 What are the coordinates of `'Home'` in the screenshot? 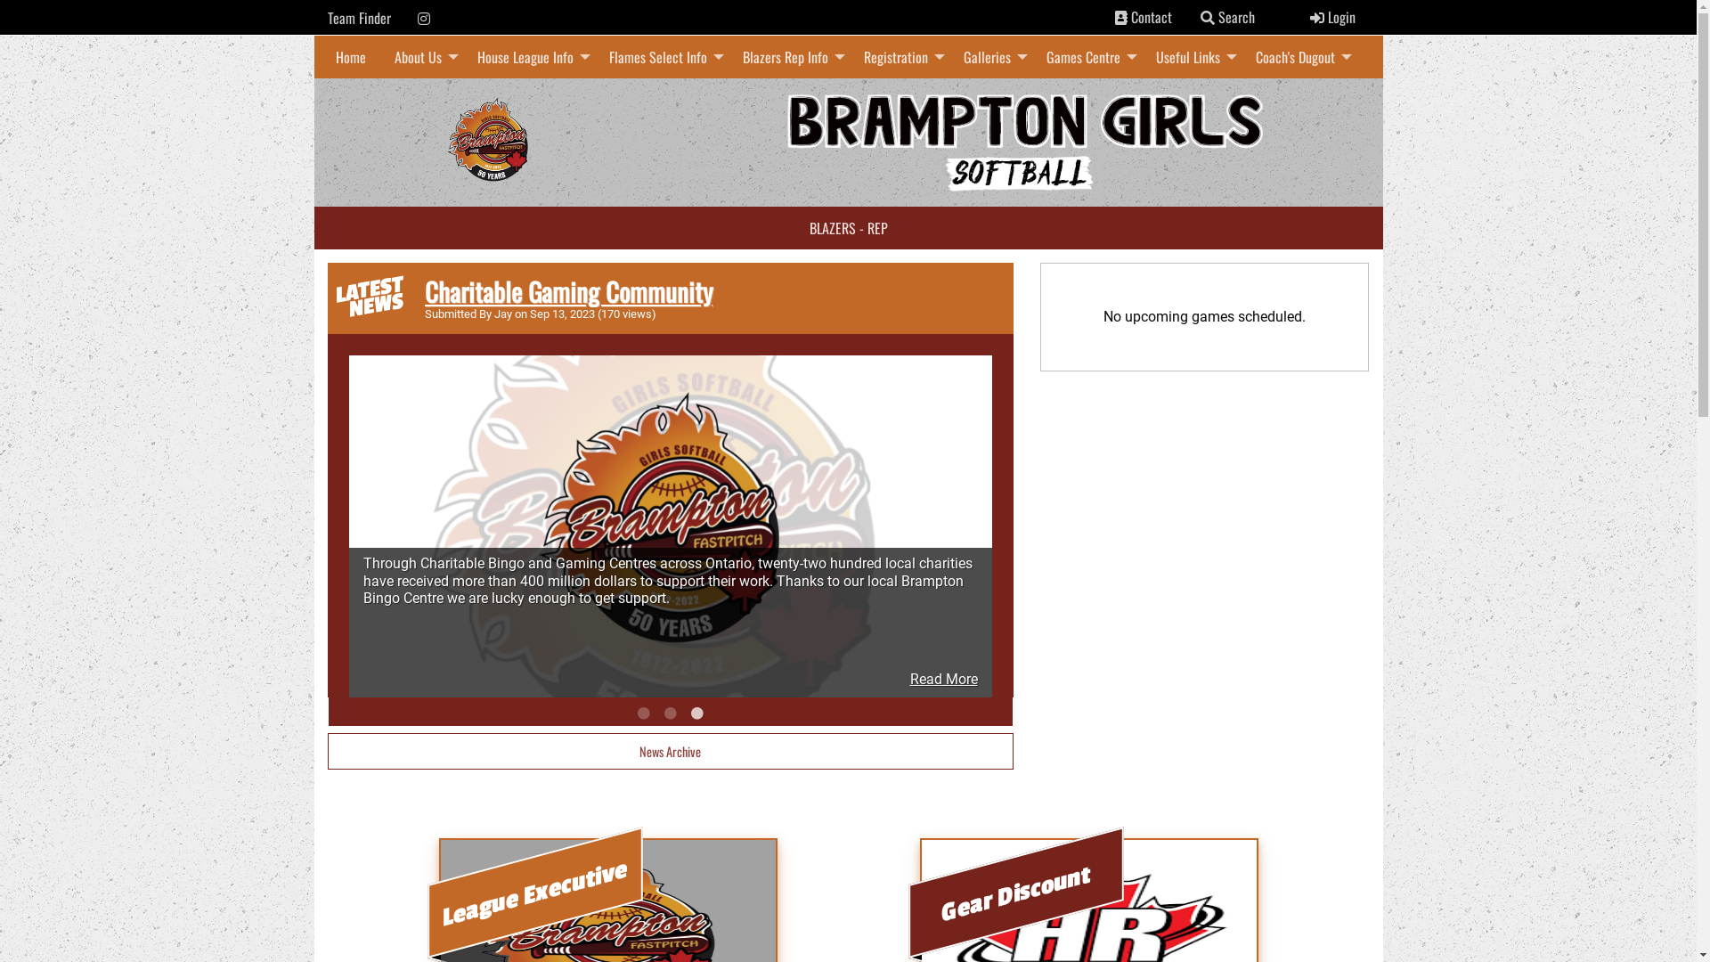 It's located at (350, 56).